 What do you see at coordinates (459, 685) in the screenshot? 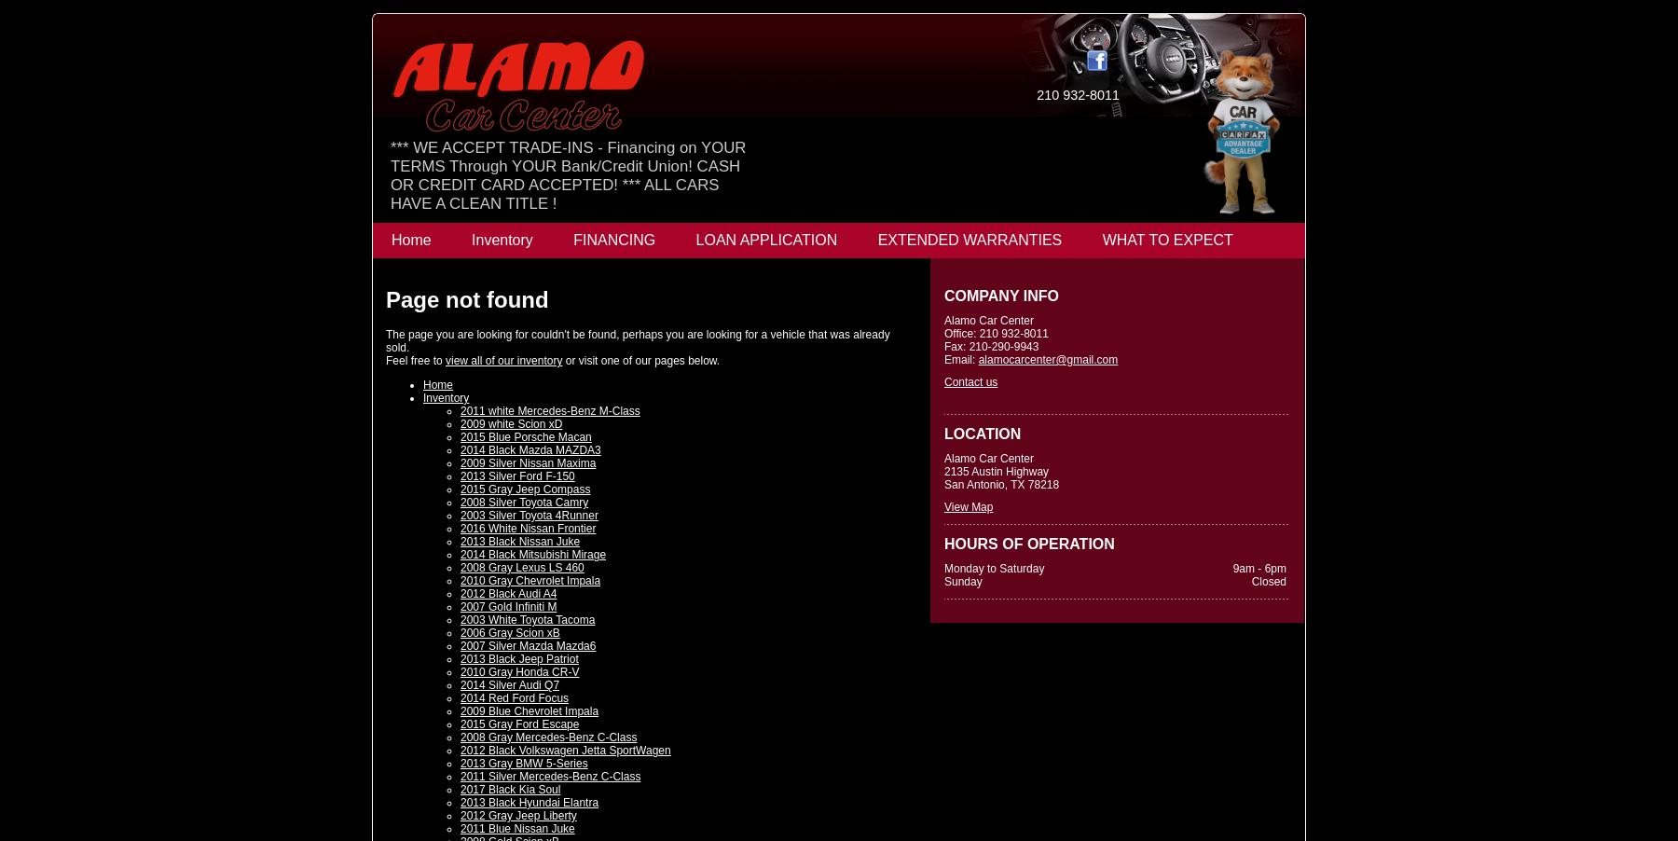
I see `'2014 Silver  Audi Q7'` at bounding box center [459, 685].